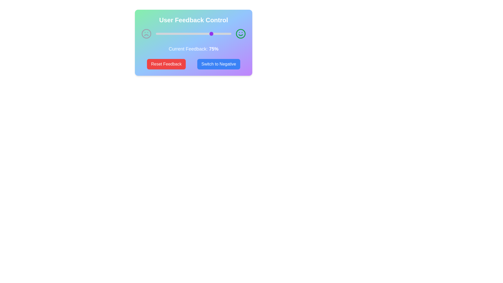  I want to click on 'Reset Feedback' button to reset the feedback value to 0%, so click(166, 64).